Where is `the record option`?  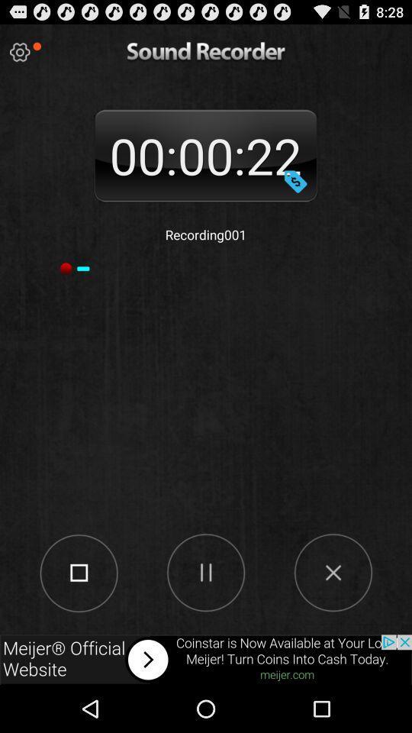
the record option is located at coordinates (79, 571).